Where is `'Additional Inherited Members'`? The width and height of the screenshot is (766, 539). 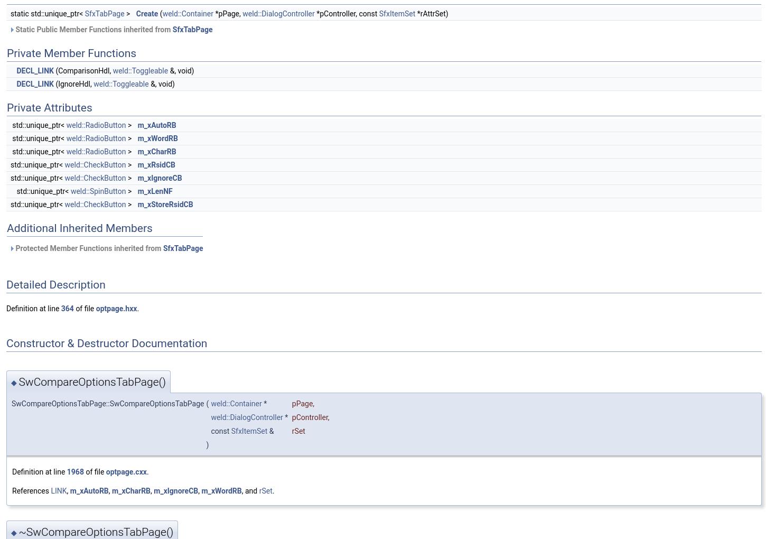 'Additional Inherited Members' is located at coordinates (79, 227).